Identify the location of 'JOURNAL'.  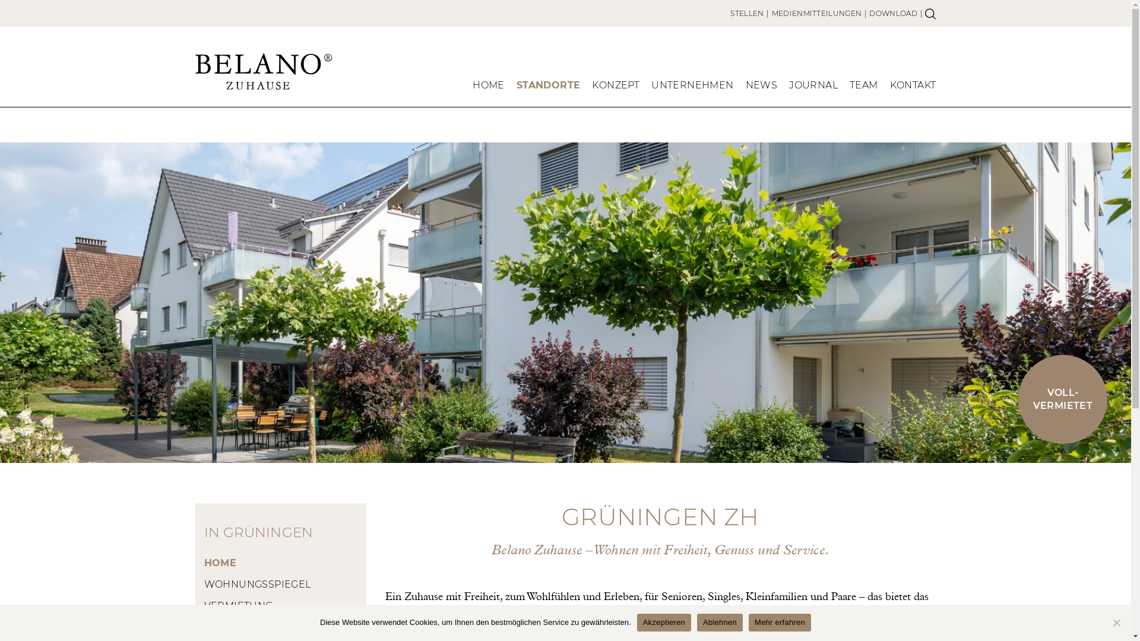
(812, 87).